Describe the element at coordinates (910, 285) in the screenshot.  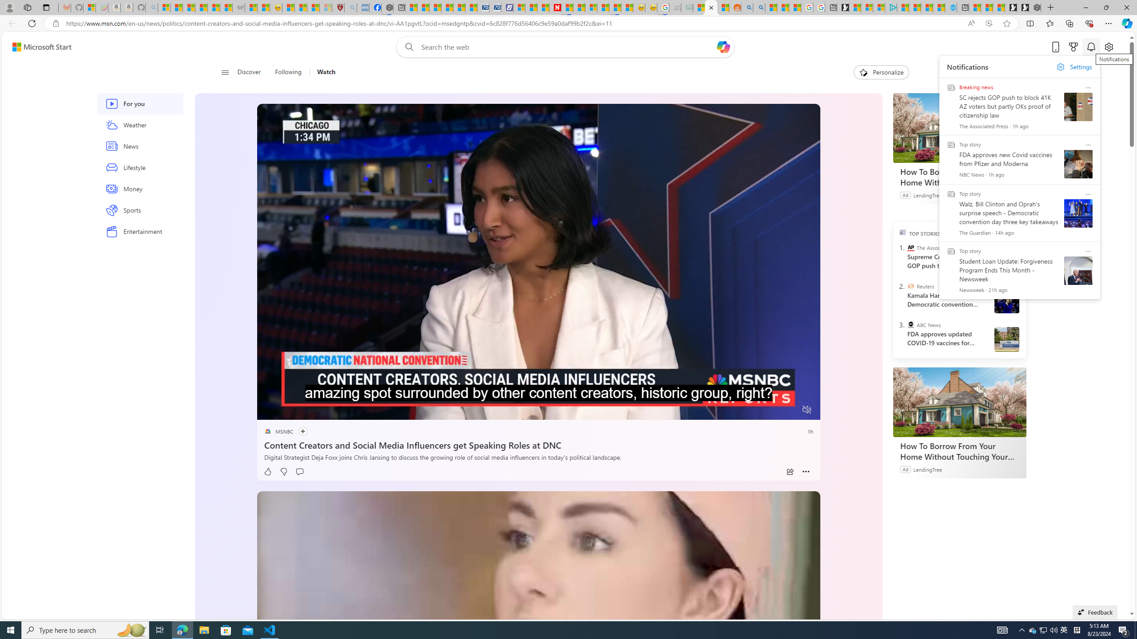
I see `'Reuters'` at that location.